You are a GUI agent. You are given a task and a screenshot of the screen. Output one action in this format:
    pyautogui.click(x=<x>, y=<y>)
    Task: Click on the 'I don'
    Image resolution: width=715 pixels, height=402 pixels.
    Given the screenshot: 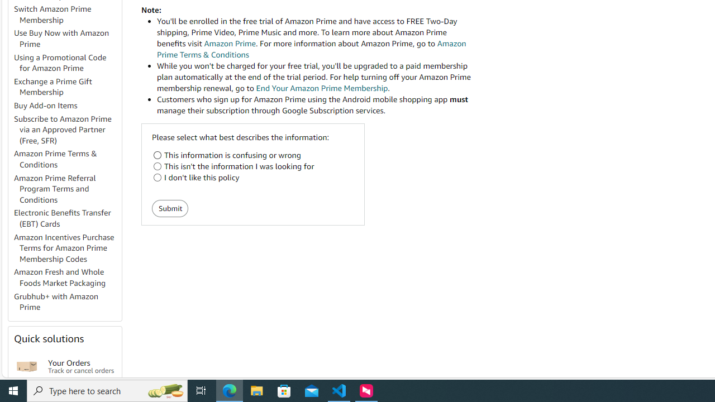 What is the action you would take?
    pyautogui.click(x=157, y=177)
    